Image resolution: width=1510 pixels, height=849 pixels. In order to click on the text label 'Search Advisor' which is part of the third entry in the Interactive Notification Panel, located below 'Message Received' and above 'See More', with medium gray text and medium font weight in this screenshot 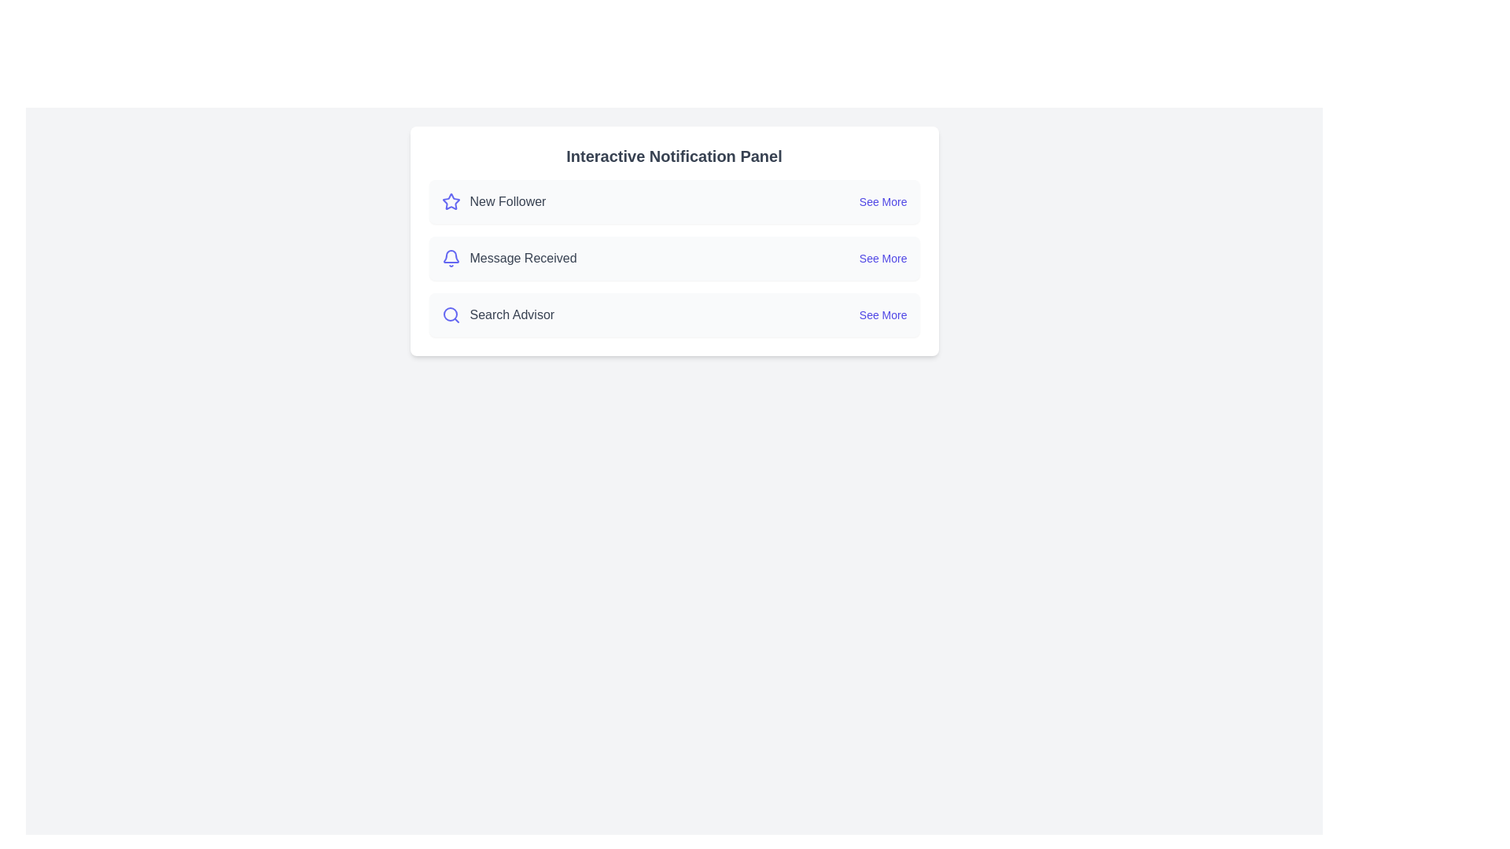, I will do `click(512, 315)`.